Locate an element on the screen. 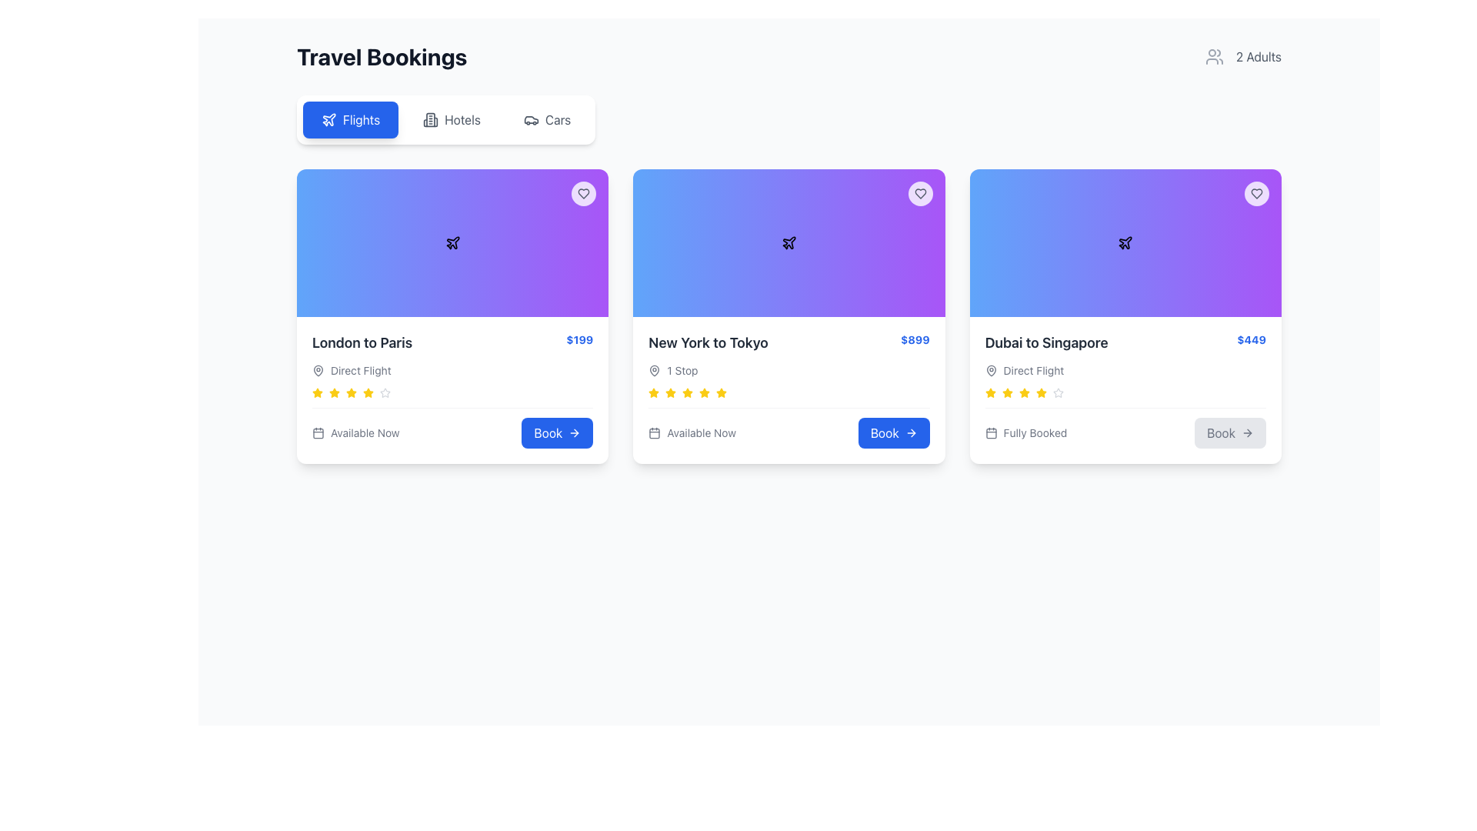  the 'Cars' button, which is styled with gray text and a car icon is located at coordinates (547, 118).